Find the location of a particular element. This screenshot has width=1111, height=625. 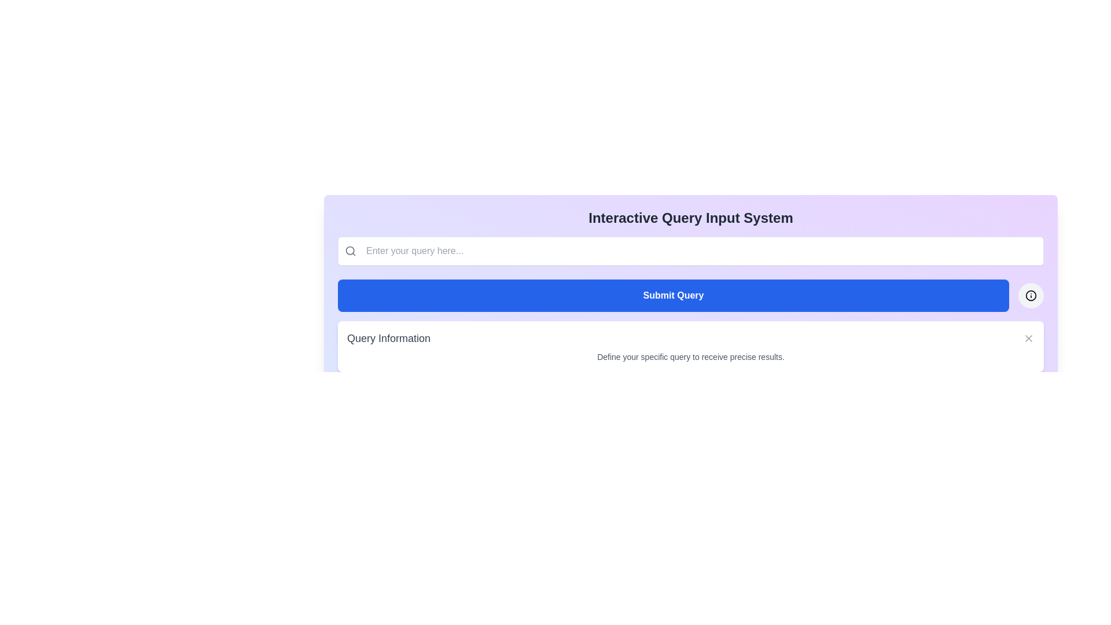

the close button represented by the 'X' symbol located at the bottom right corner of the user panel is located at coordinates (1028, 339).